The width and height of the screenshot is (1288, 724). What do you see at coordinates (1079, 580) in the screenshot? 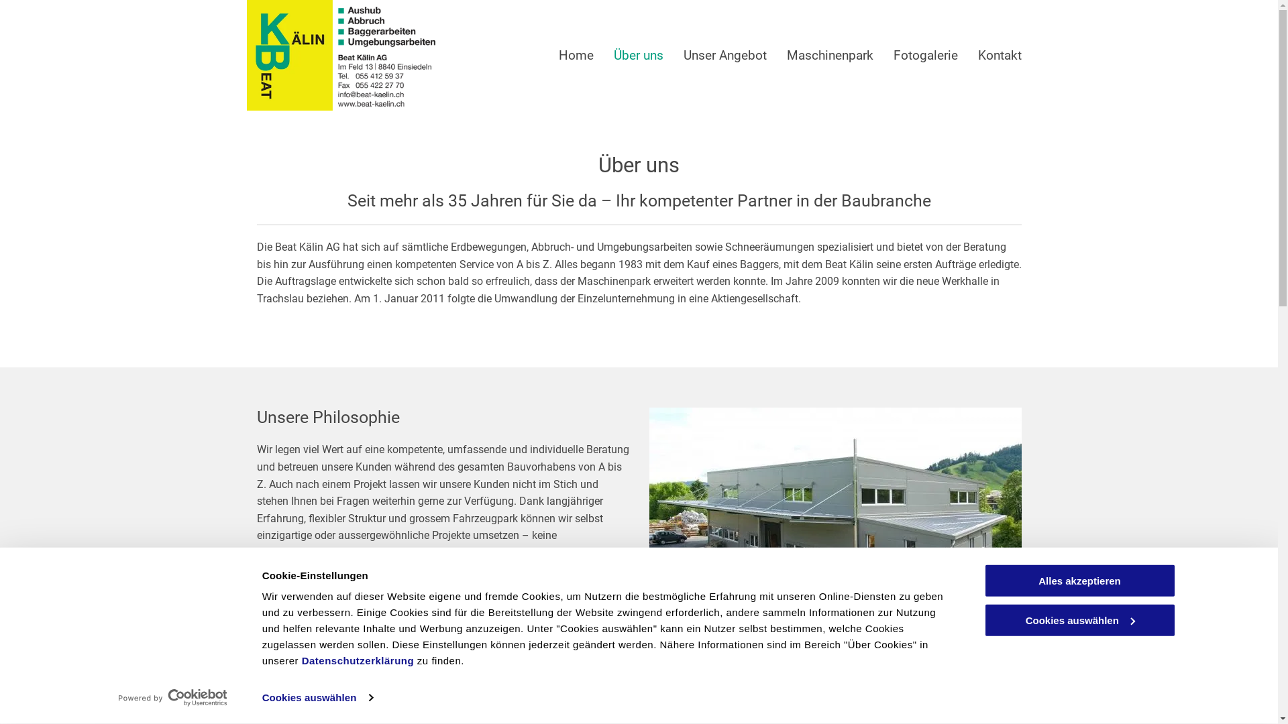
I see `'Alles akzeptieren'` at bounding box center [1079, 580].